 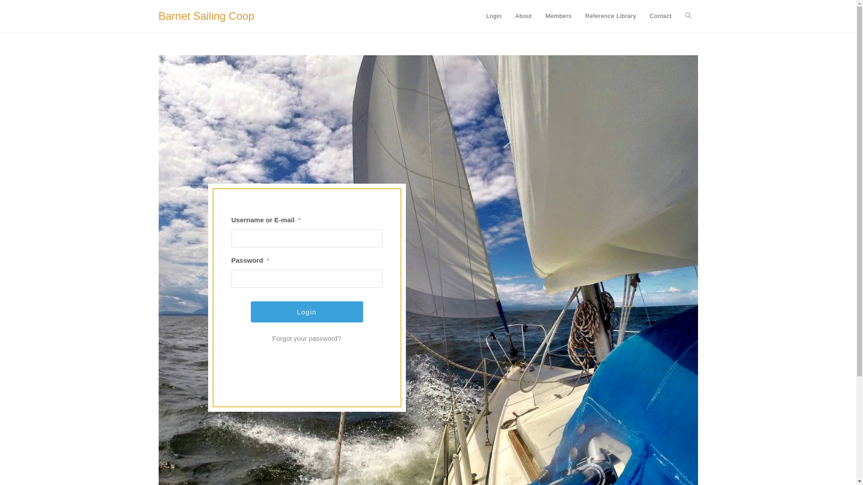 I want to click on 'Barnet Sailing Coop', so click(x=205, y=16).